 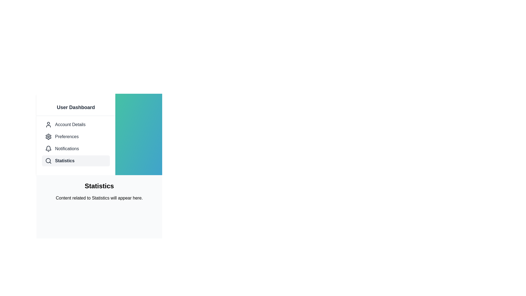 What do you see at coordinates (48, 160) in the screenshot?
I see `the Circle graphic component of the magnifying glass icon, which is part of the UI menu located under the 'User Dashboard' section` at bounding box center [48, 160].